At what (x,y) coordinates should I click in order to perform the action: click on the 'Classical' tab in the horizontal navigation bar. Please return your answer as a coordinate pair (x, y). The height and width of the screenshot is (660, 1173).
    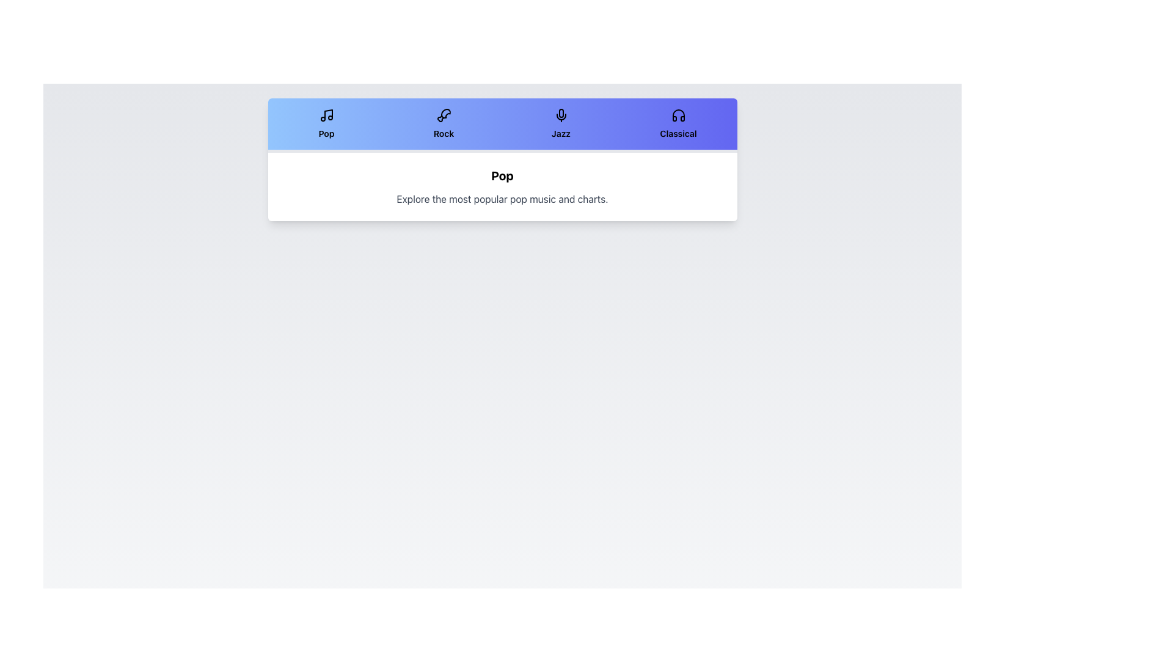
    Looking at the image, I should click on (678, 125).